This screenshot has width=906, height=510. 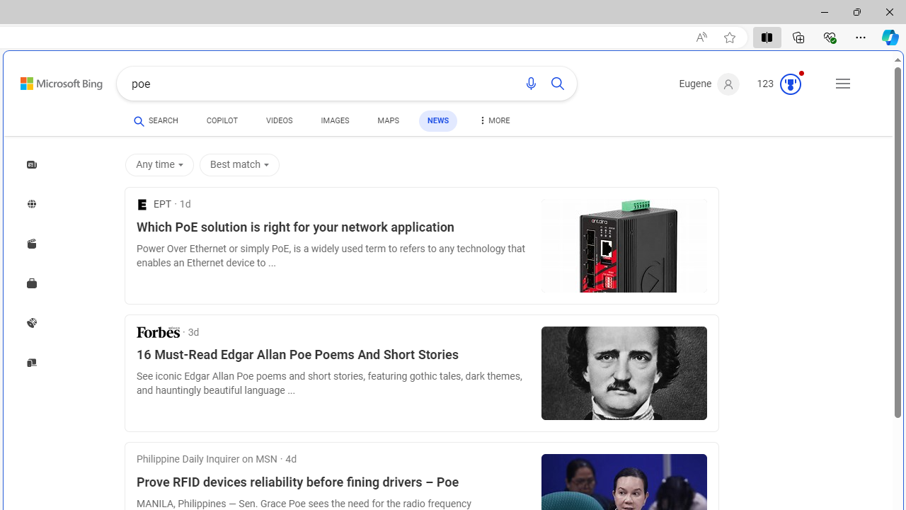 I want to click on 'Search button', so click(x=556, y=84).